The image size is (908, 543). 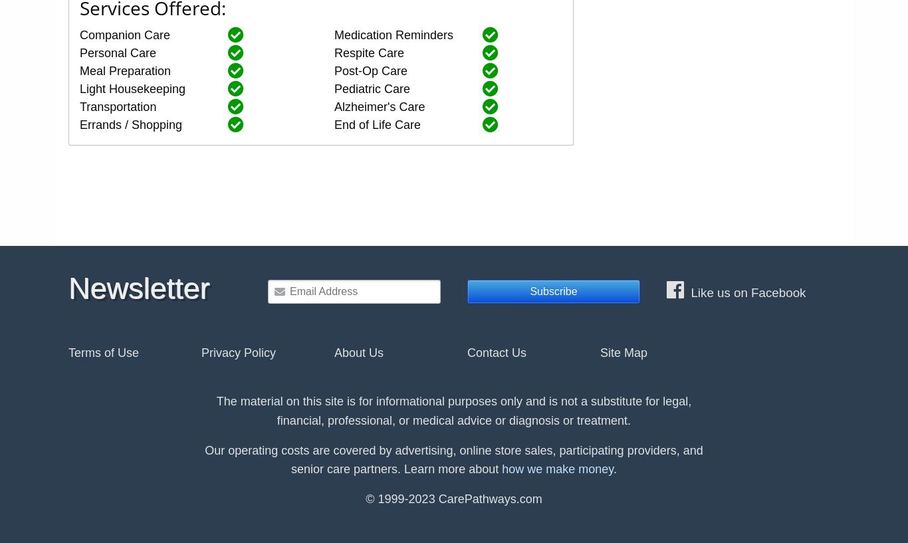 What do you see at coordinates (358, 351) in the screenshot?
I see `'About Us'` at bounding box center [358, 351].